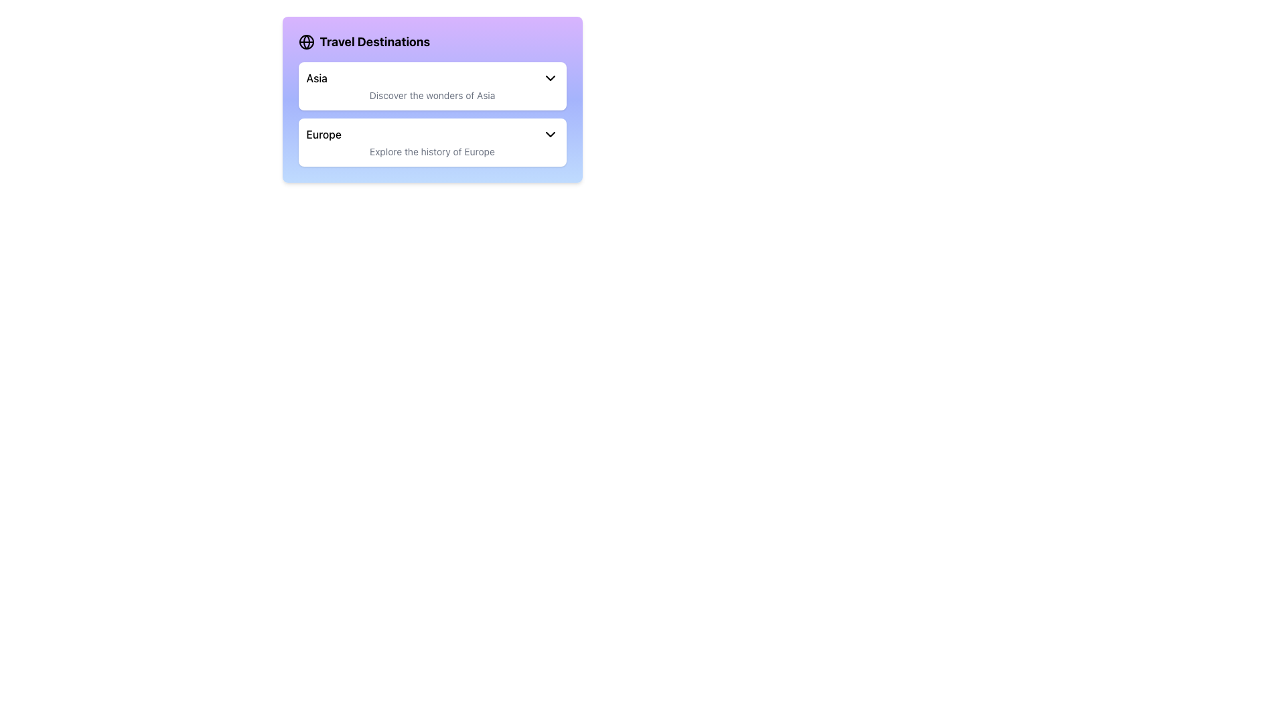  What do you see at coordinates (305, 41) in the screenshot?
I see `the 'Global Travel' icon located to the immediate left of the bold text 'Travel Destinations' in the purple header of the card` at bounding box center [305, 41].